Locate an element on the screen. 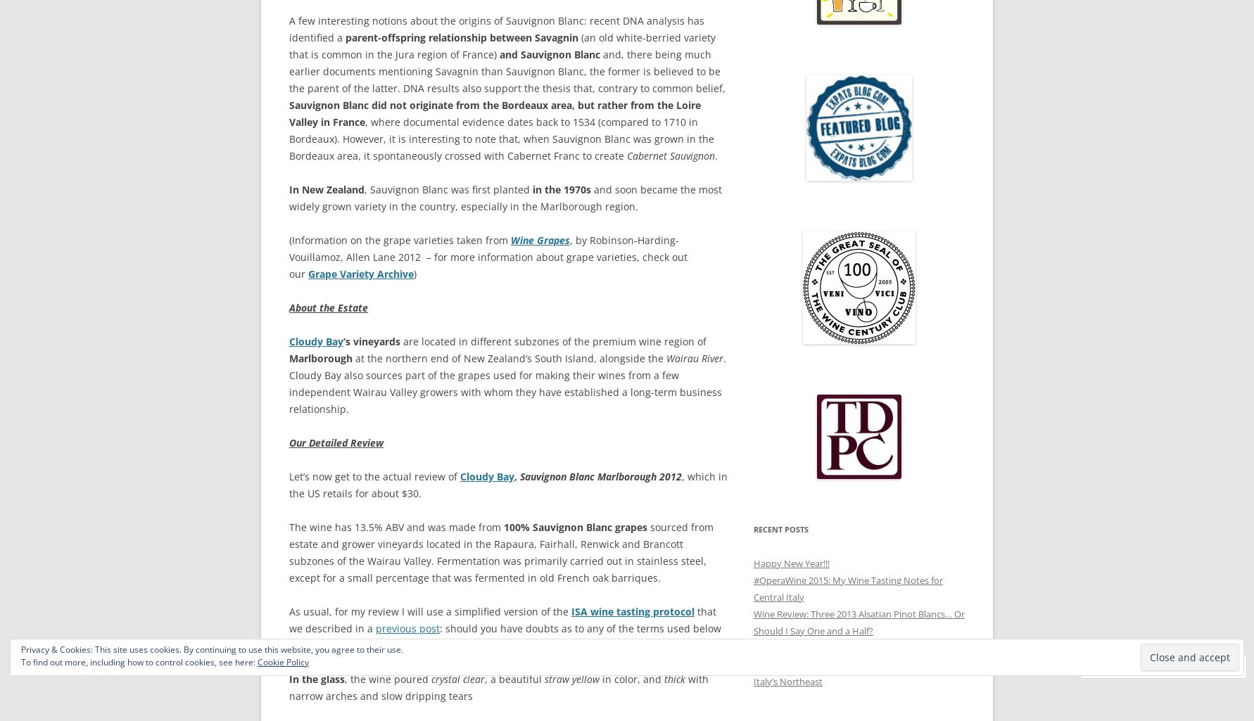 The width and height of the screenshot is (1254, 721). 'that post' is located at coordinates (381, 644).